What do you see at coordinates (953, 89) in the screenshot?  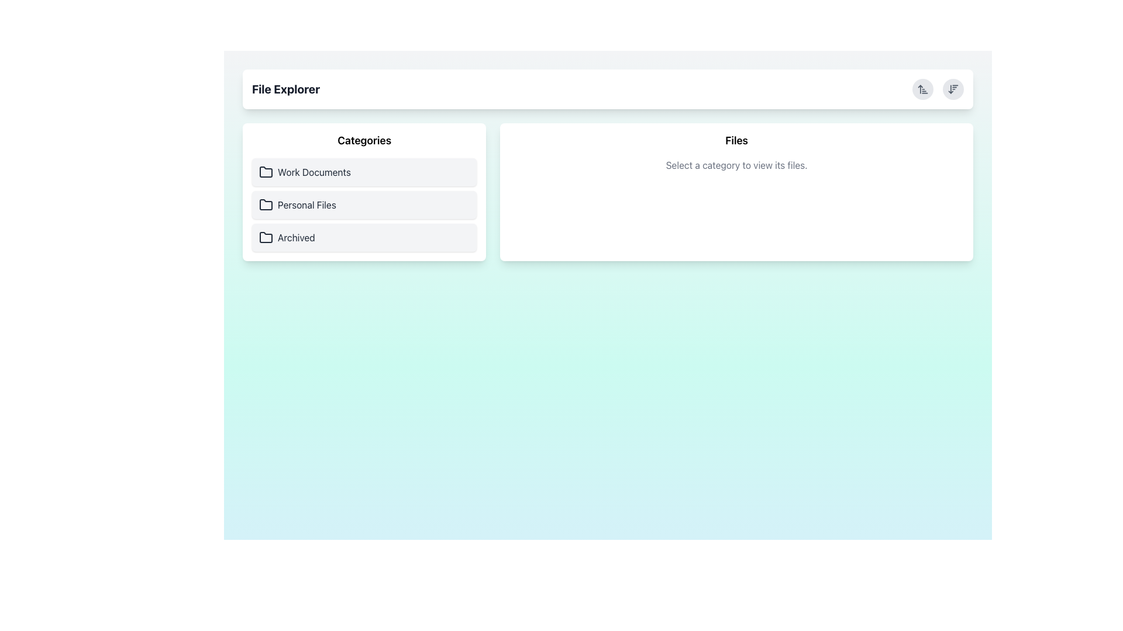 I see `the second circular button in the top-right corner of the interface` at bounding box center [953, 89].